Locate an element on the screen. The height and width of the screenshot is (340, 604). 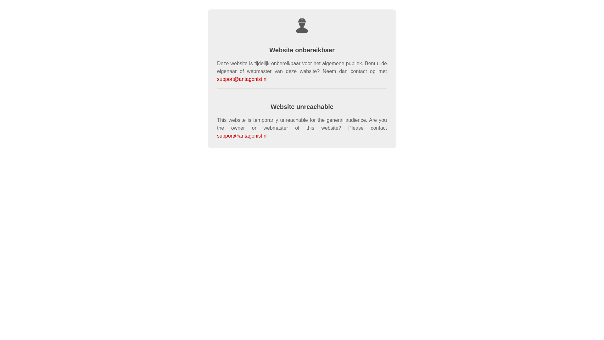
'support@antagonist.nl' is located at coordinates (242, 79).